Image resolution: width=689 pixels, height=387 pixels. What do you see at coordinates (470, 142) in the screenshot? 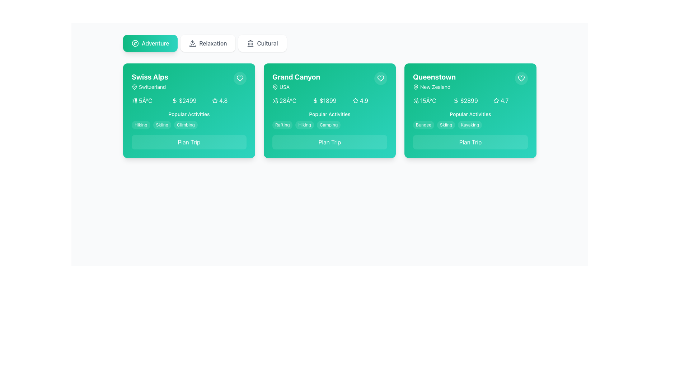
I see `the 'Plan Trip' button, which is a rectangular button with rounded corners and a soft green background located at the bottom of the 'Queenstown' section, directly below the 'Popular Activities' tags` at bounding box center [470, 142].